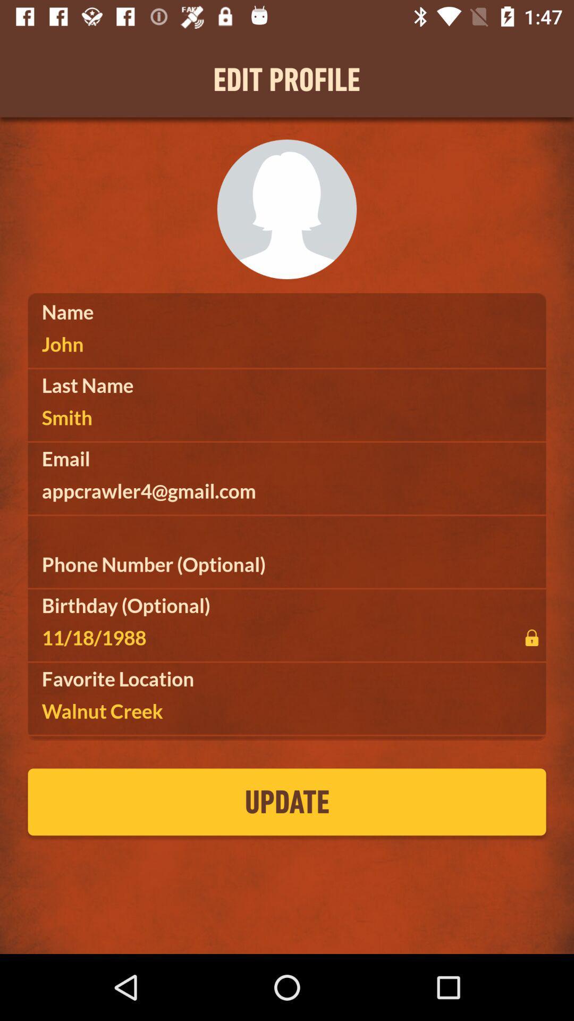 The height and width of the screenshot is (1021, 574). What do you see at coordinates (287, 564) in the screenshot?
I see `field for phone number` at bounding box center [287, 564].